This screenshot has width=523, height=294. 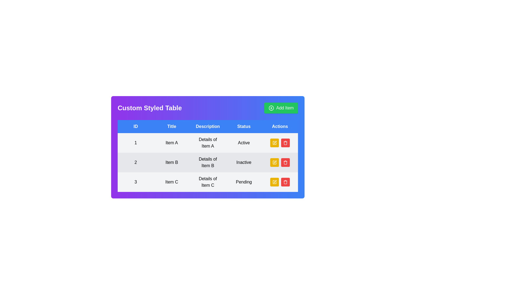 I want to click on the 'Pending' text label located in the fourth column of the third row under the 'Status' column, corresponding to 'Item C', so click(x=244, y=182).